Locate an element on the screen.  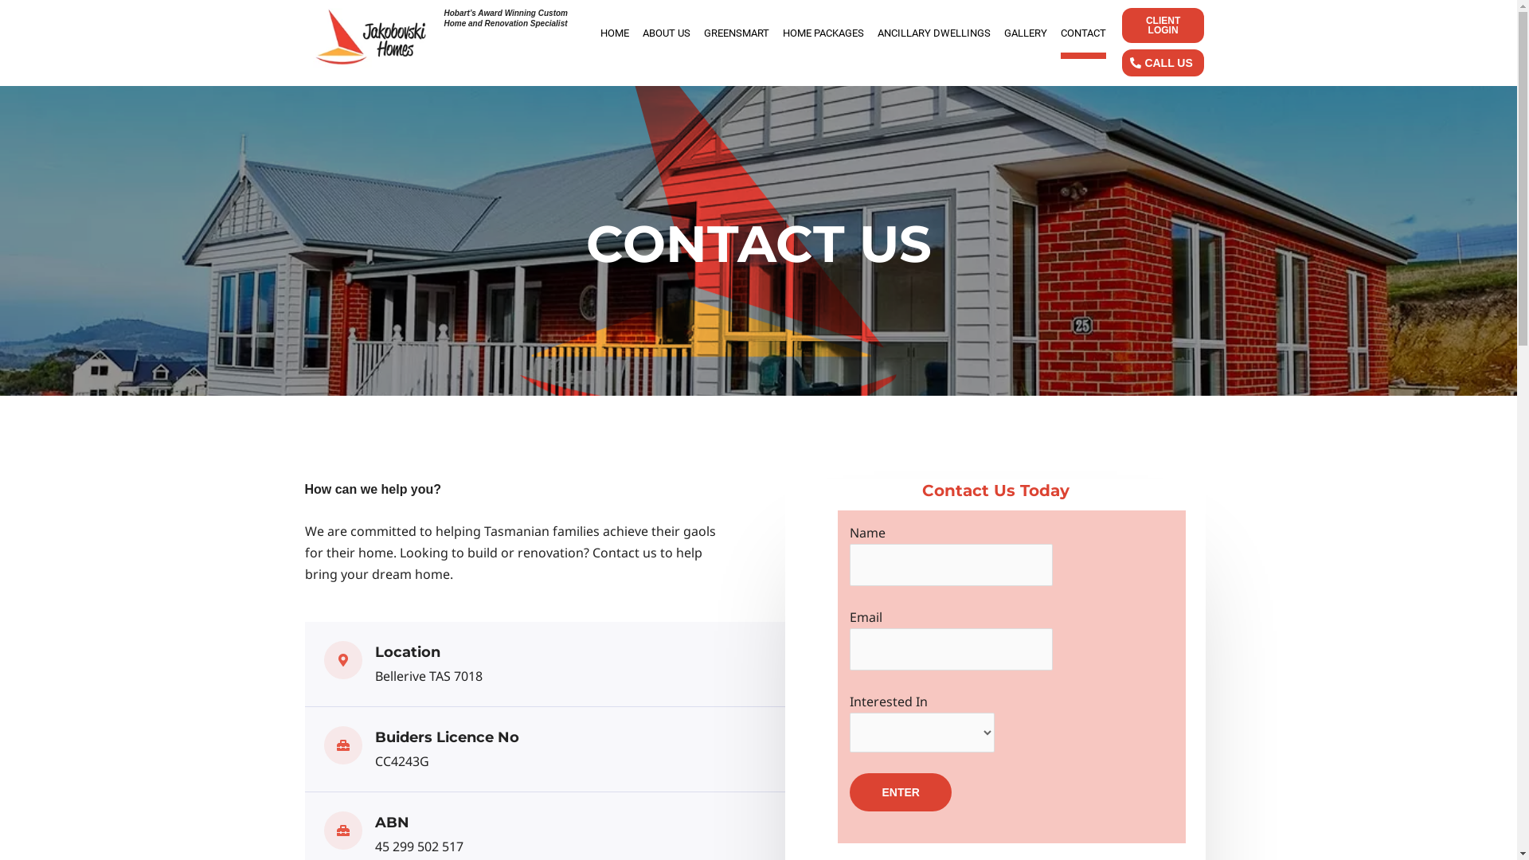
'ENTER' is located at coordinates (900, 792).